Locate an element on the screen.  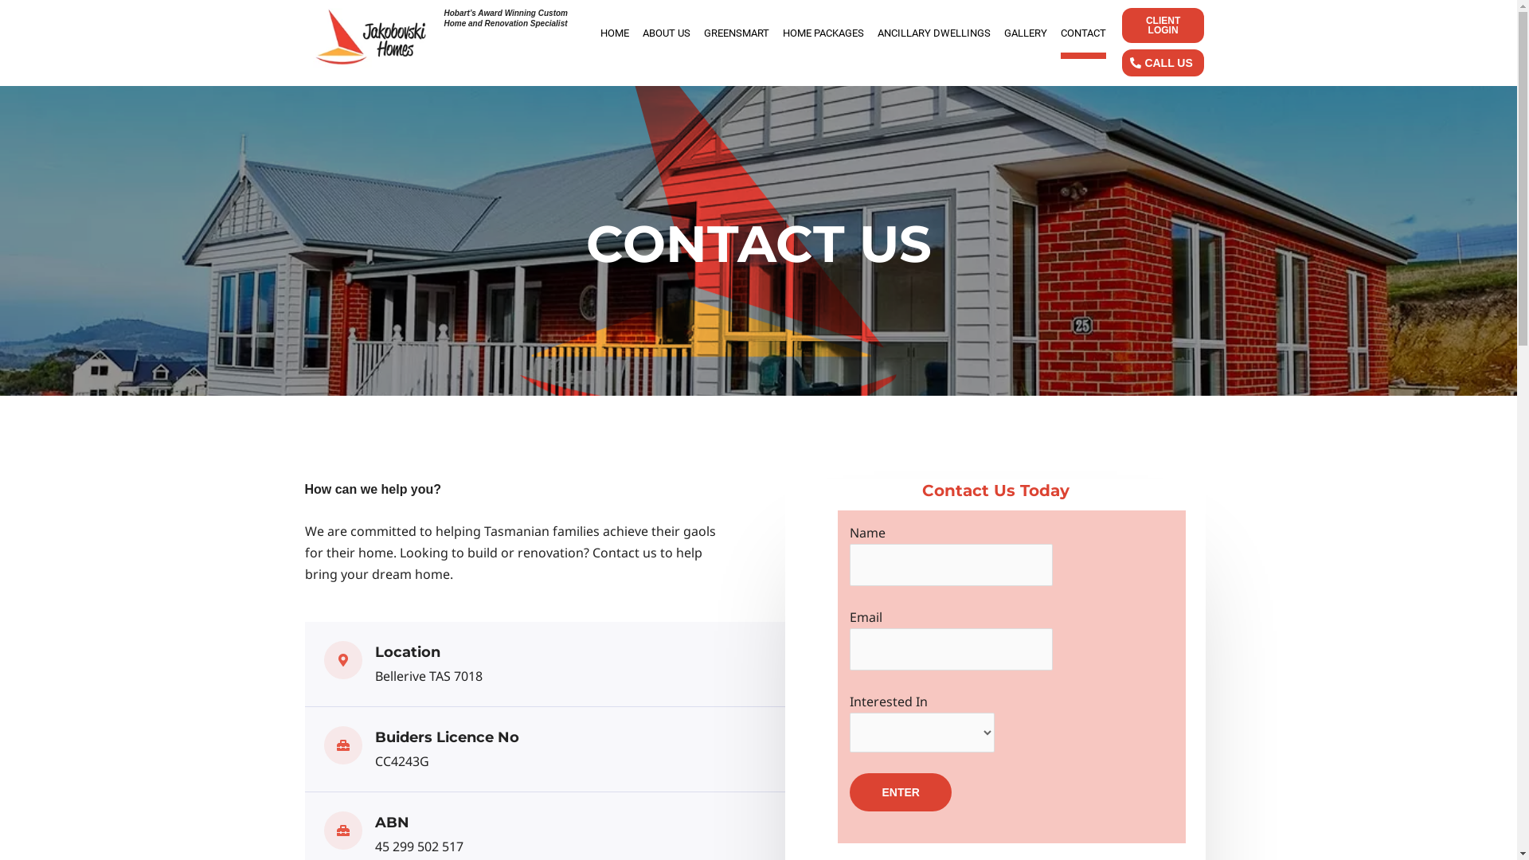
'ENTER' is located at coordinates (900, 792).